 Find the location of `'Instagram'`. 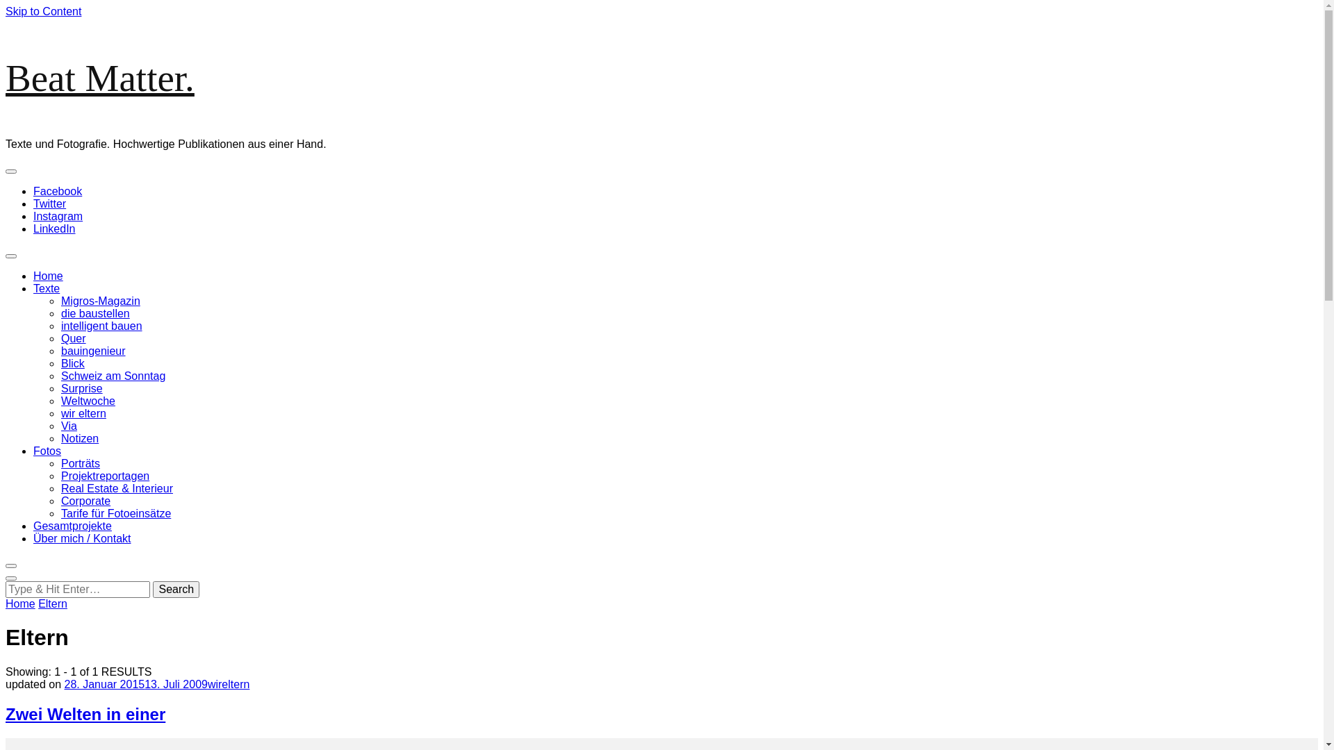

'Instagram' is located at coordinates (33, 216).